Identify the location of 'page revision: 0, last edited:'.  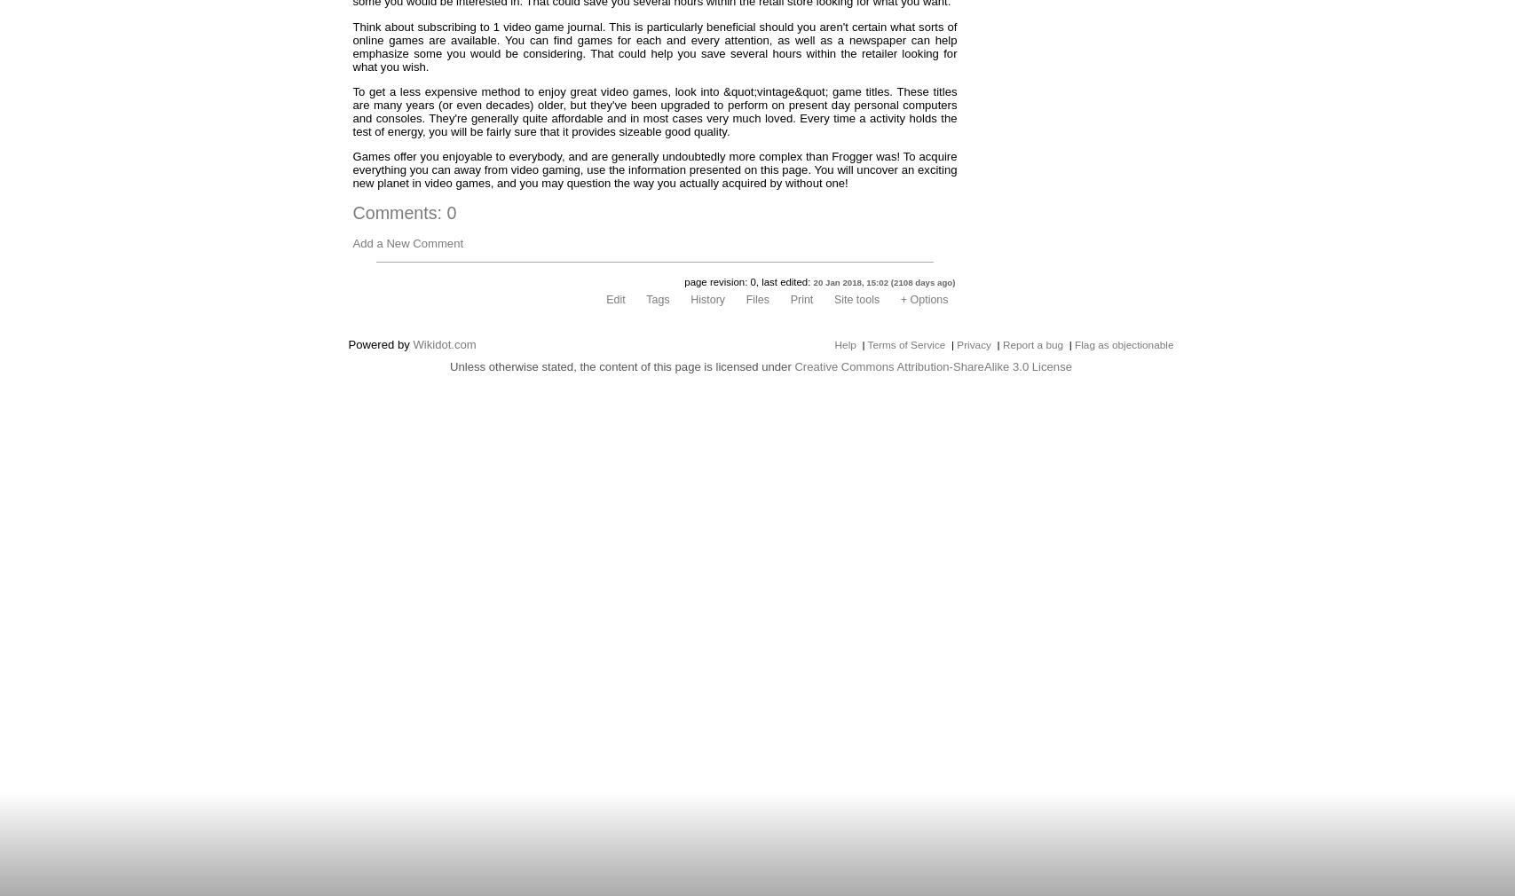
(684, 281).